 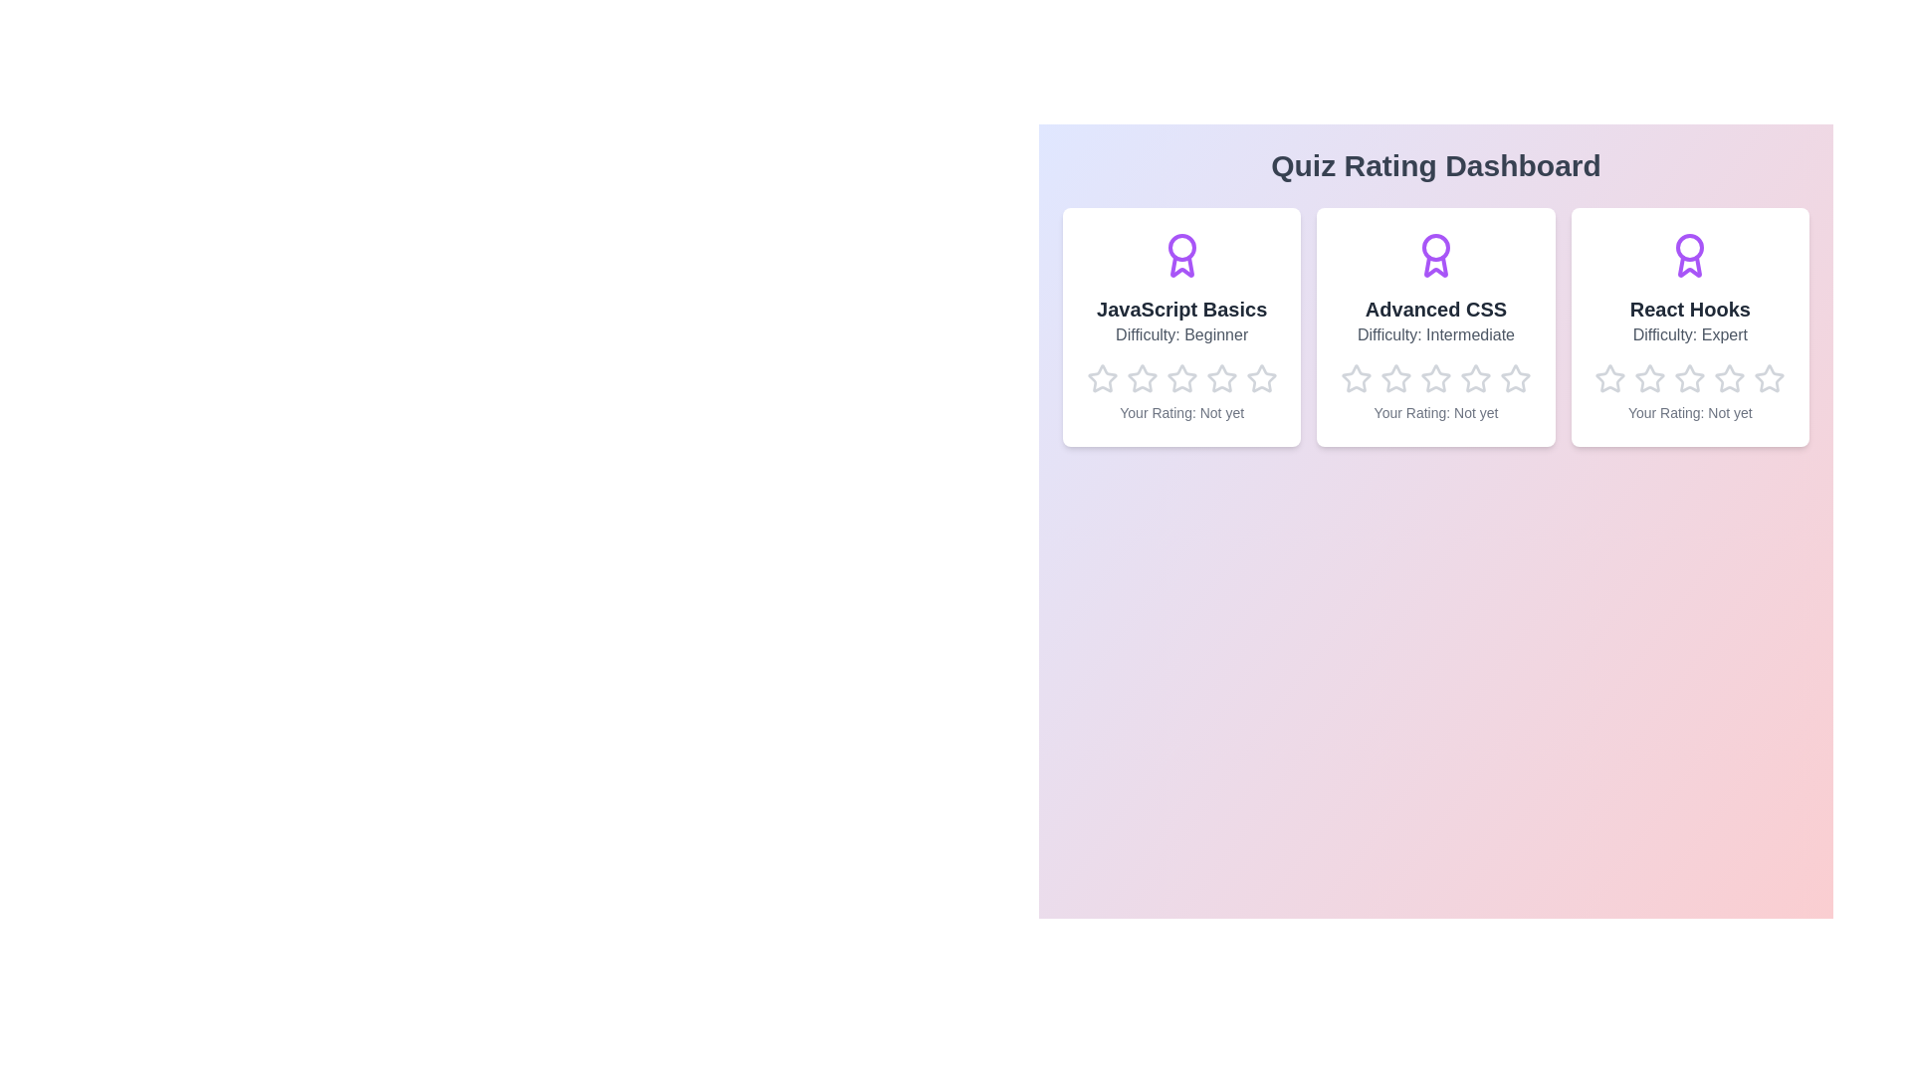 What do you see at coordinates (1260, 379) in the screenshot?
I see `the rating for a quiz to 5 stars` at bounding box center [1260, 379].